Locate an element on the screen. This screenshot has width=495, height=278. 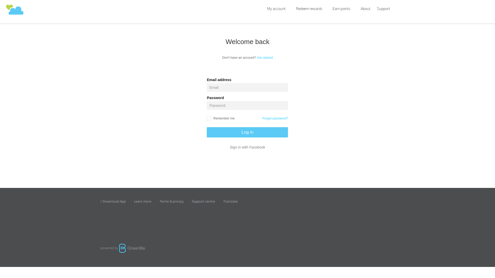
'Redeem rewards' is located at coordinates (291, 8).